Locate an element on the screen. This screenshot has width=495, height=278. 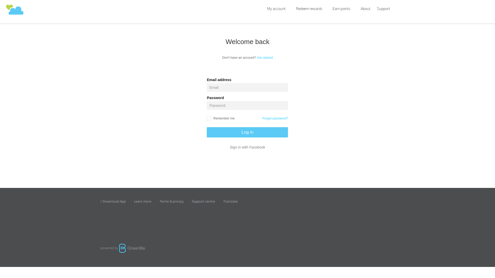
'Redeem rewards' is located at coordinates (291, 8).